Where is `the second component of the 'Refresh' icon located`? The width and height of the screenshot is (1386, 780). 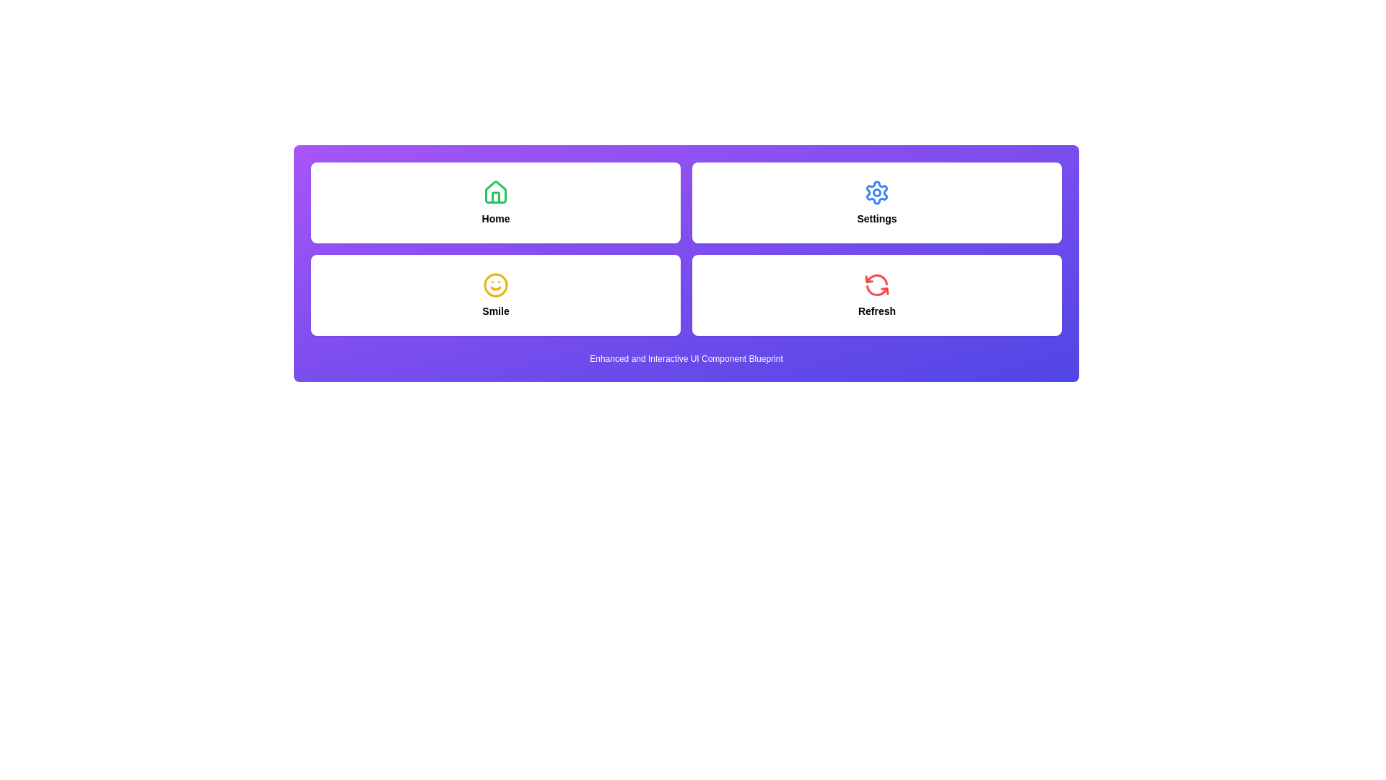 the second component of the 'Refresh' icon located is located at coordinates (885, 290).